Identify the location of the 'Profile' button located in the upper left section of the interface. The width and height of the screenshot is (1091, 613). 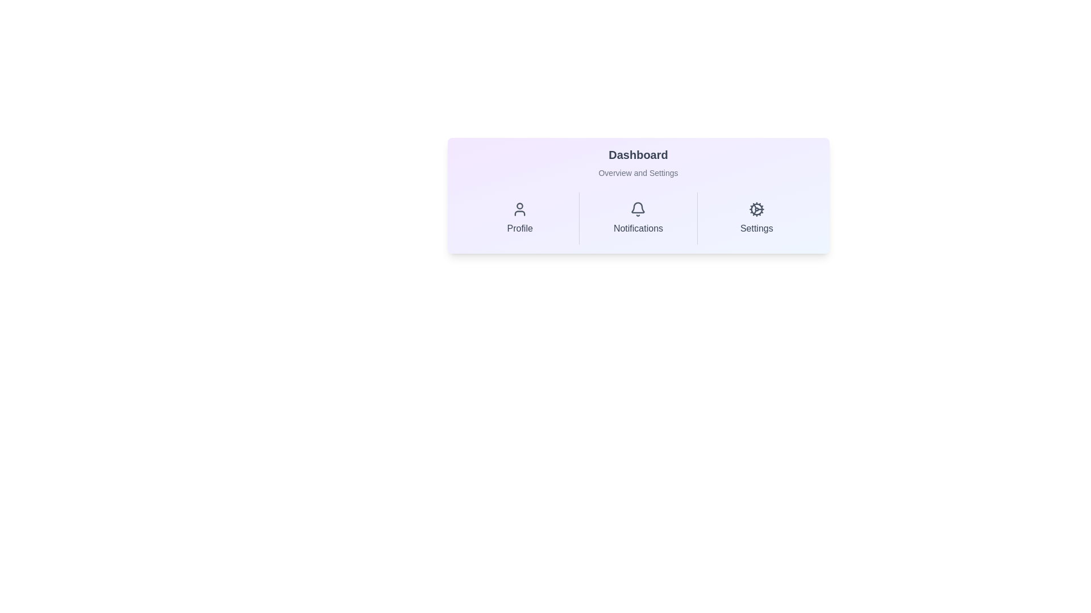
(519, 219).